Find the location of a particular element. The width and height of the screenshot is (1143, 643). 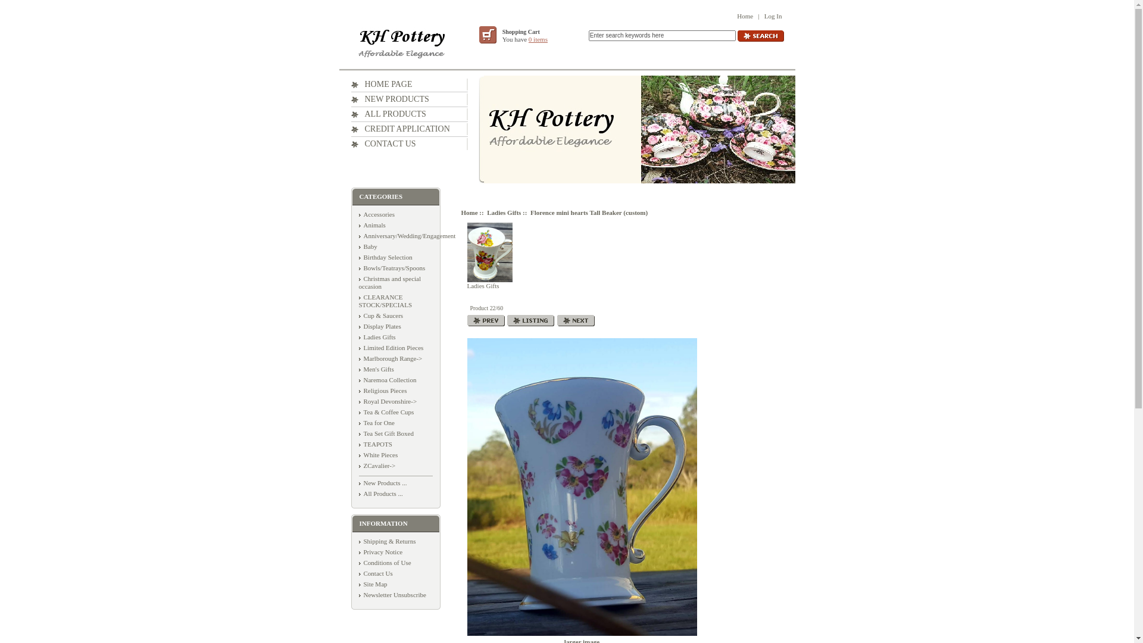

'CONTACT US' is located at coordinates (383, 143).